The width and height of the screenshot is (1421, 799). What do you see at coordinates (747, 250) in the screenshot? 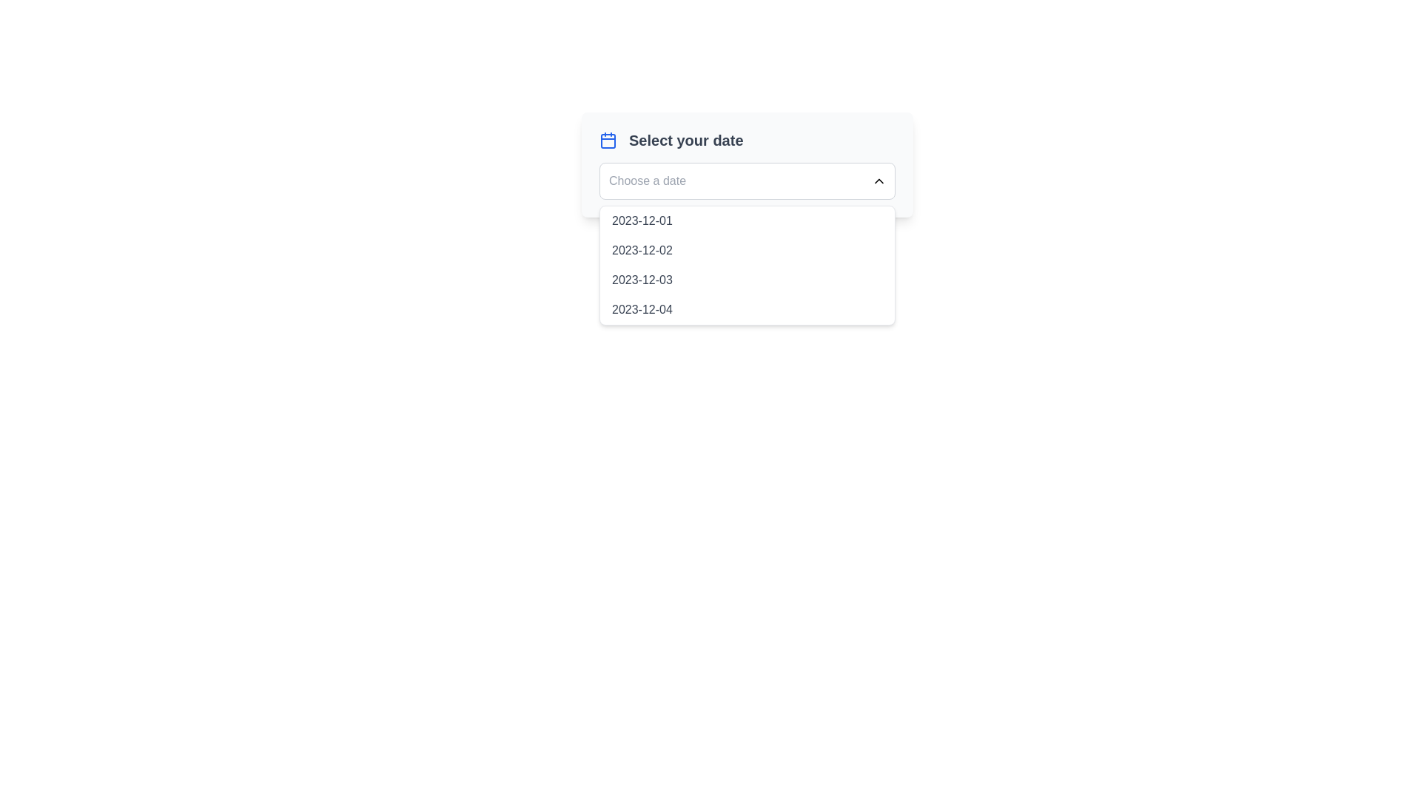
I see `the second date option in the dropdown menu, positioned directly below '2023-12-01' and above '2023-12-03'` at bounding box center [747, 250].